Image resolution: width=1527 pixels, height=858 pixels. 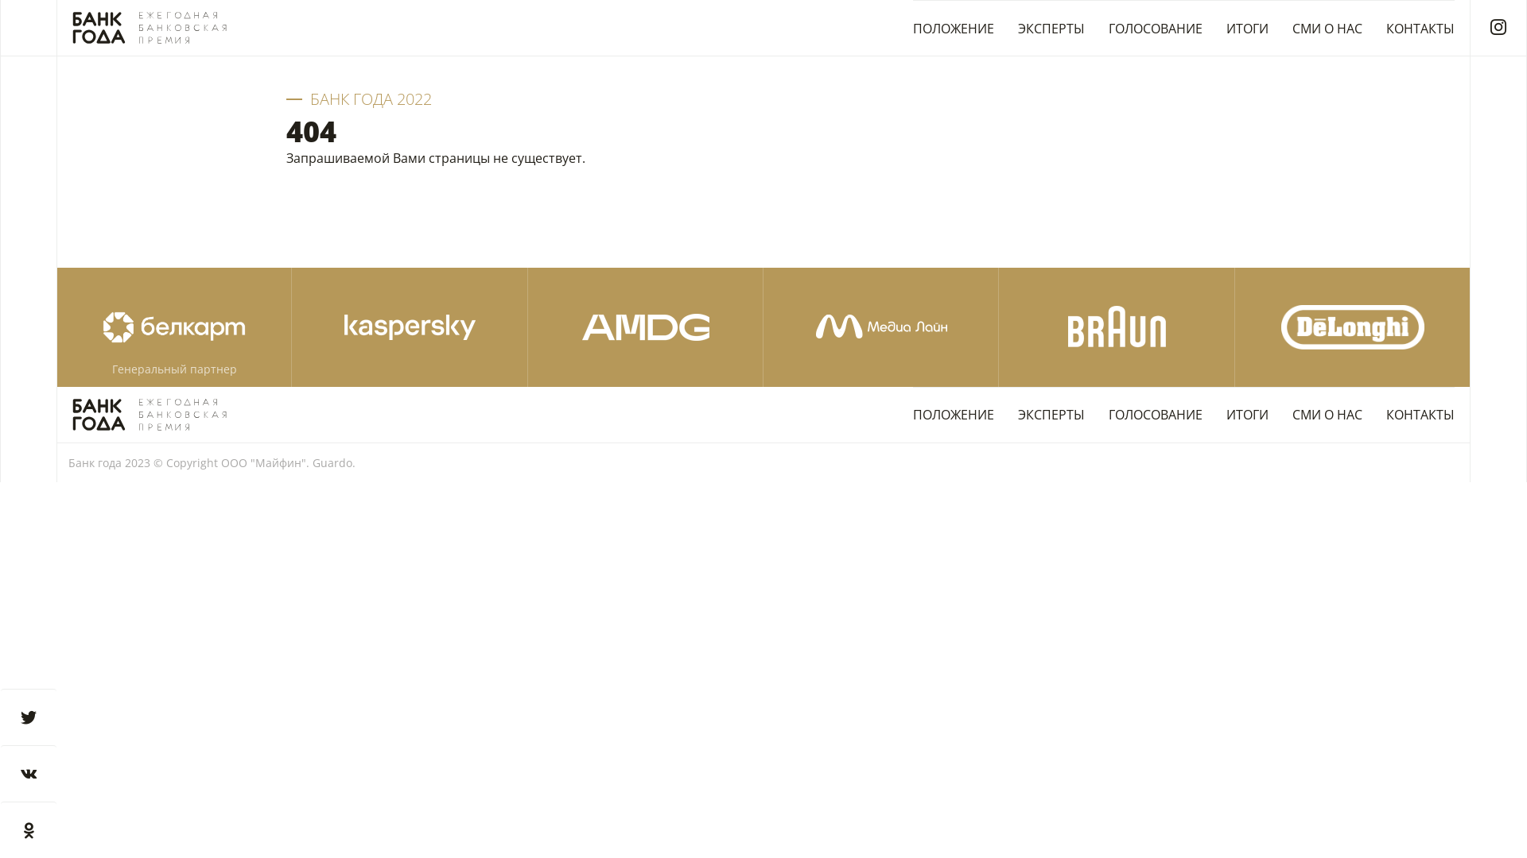 What do you see at coordinates (28, 717) in the screenshot?
I see `'Twitter'` at bounding box center [28, 717].